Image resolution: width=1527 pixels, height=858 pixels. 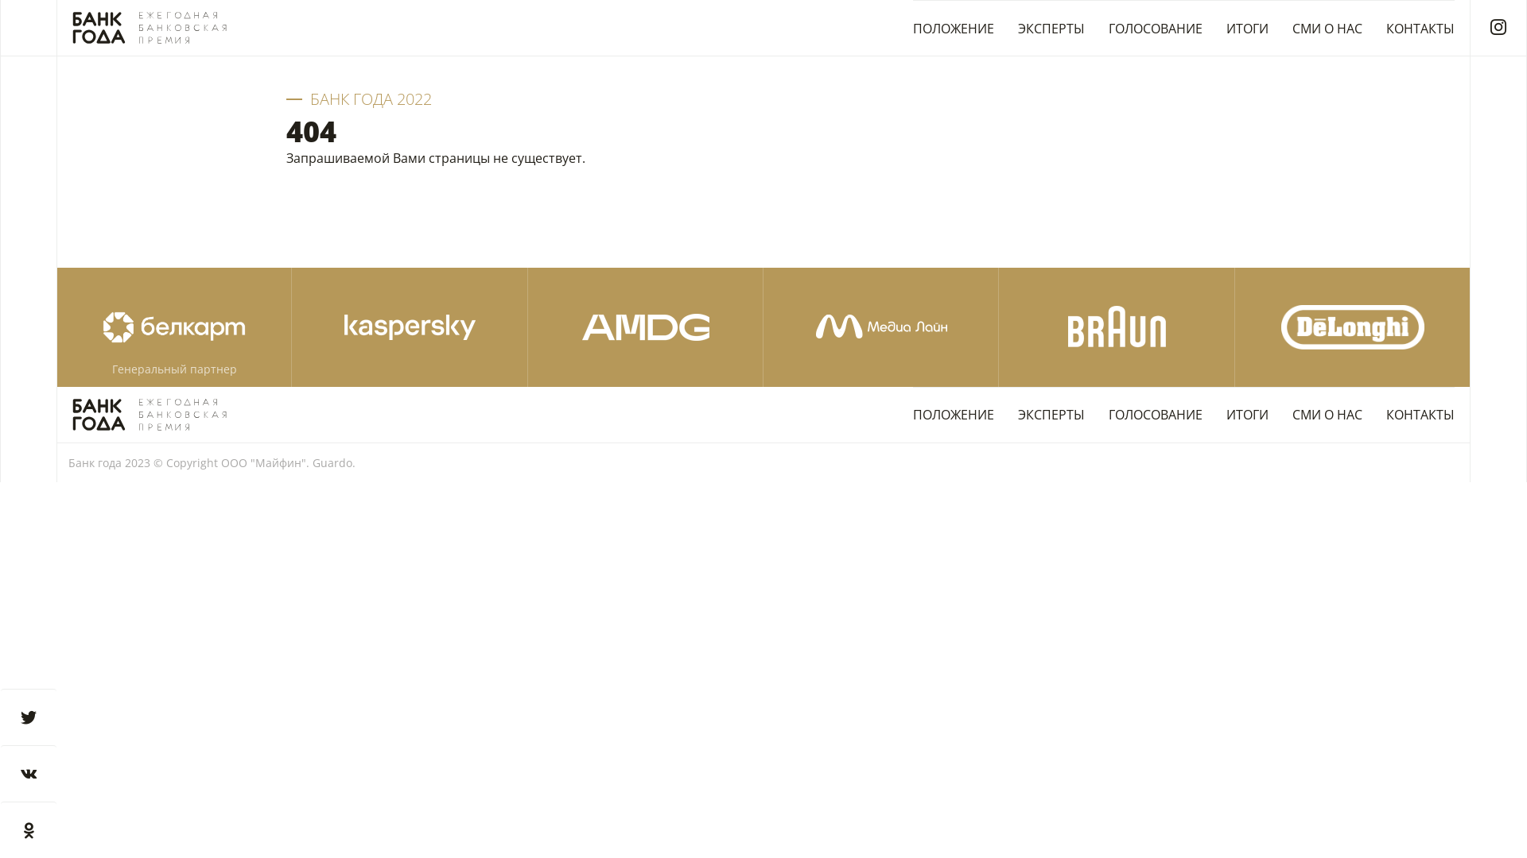 What do you see at coordinates (28, 717) in the screenshot?
I see `'Twitter'` at bounding box center [28, 717].